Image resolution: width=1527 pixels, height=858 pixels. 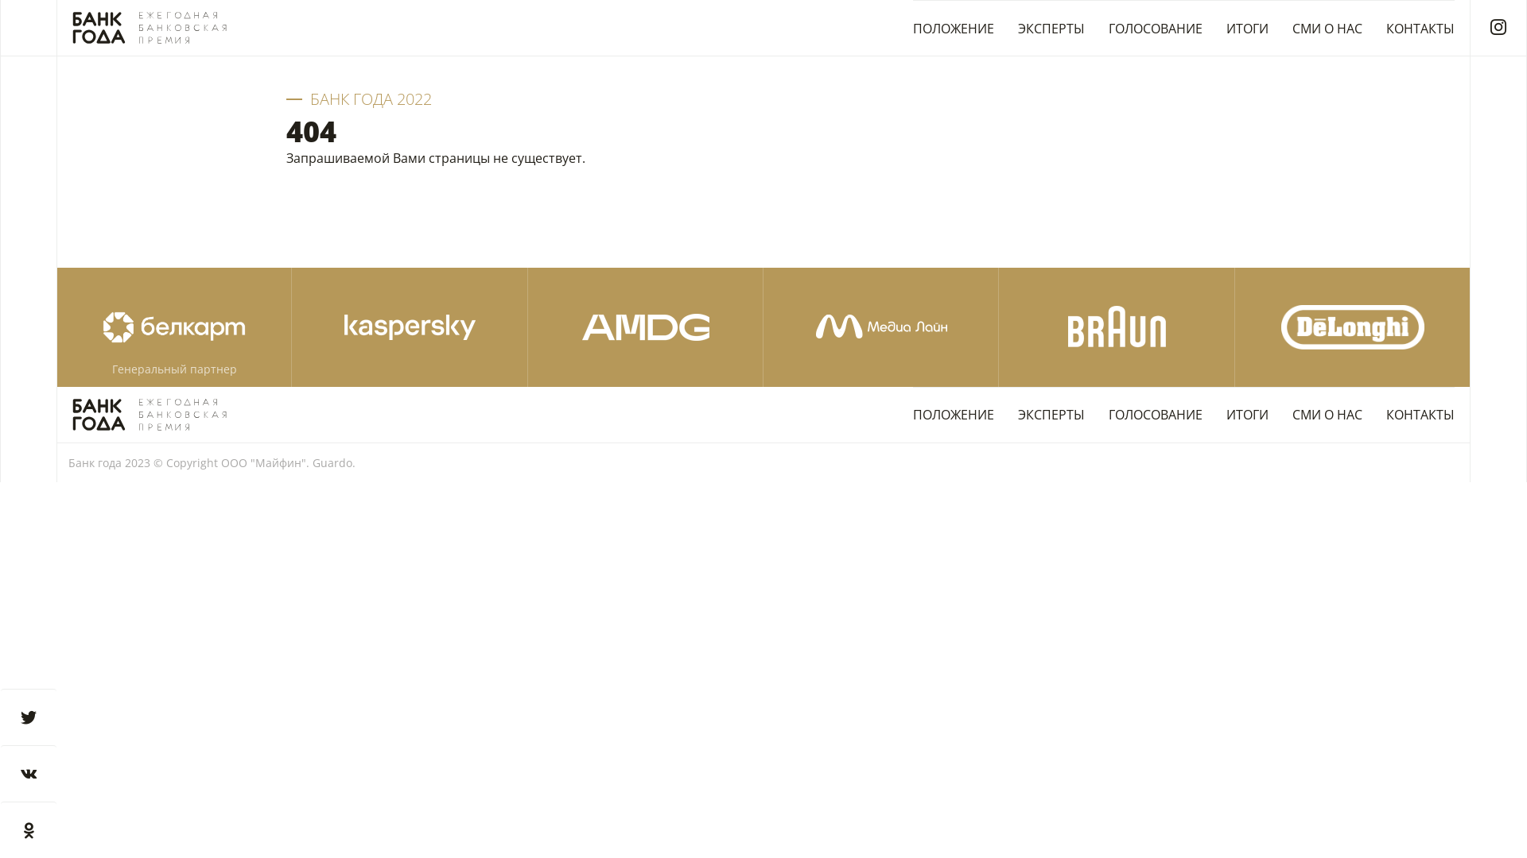 What do you see at coordinates (28, 717) in the screenshot?
I see `'Twitter'` at bounding box center [28, 717].